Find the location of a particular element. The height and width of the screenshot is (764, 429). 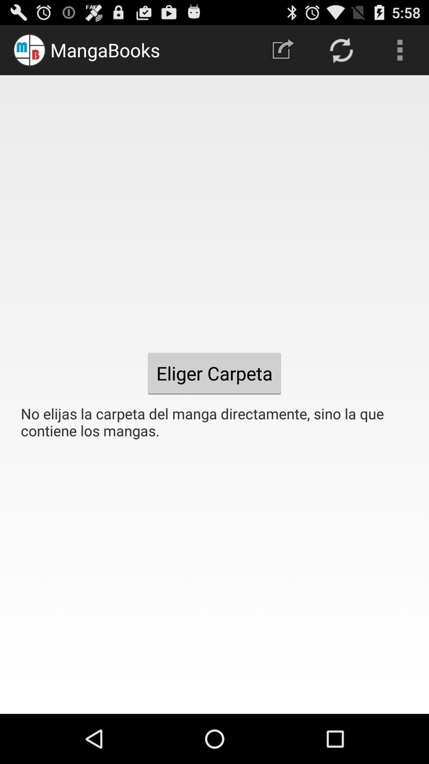

the icon above eliger carpeta button is located at coordinates (282, 49).